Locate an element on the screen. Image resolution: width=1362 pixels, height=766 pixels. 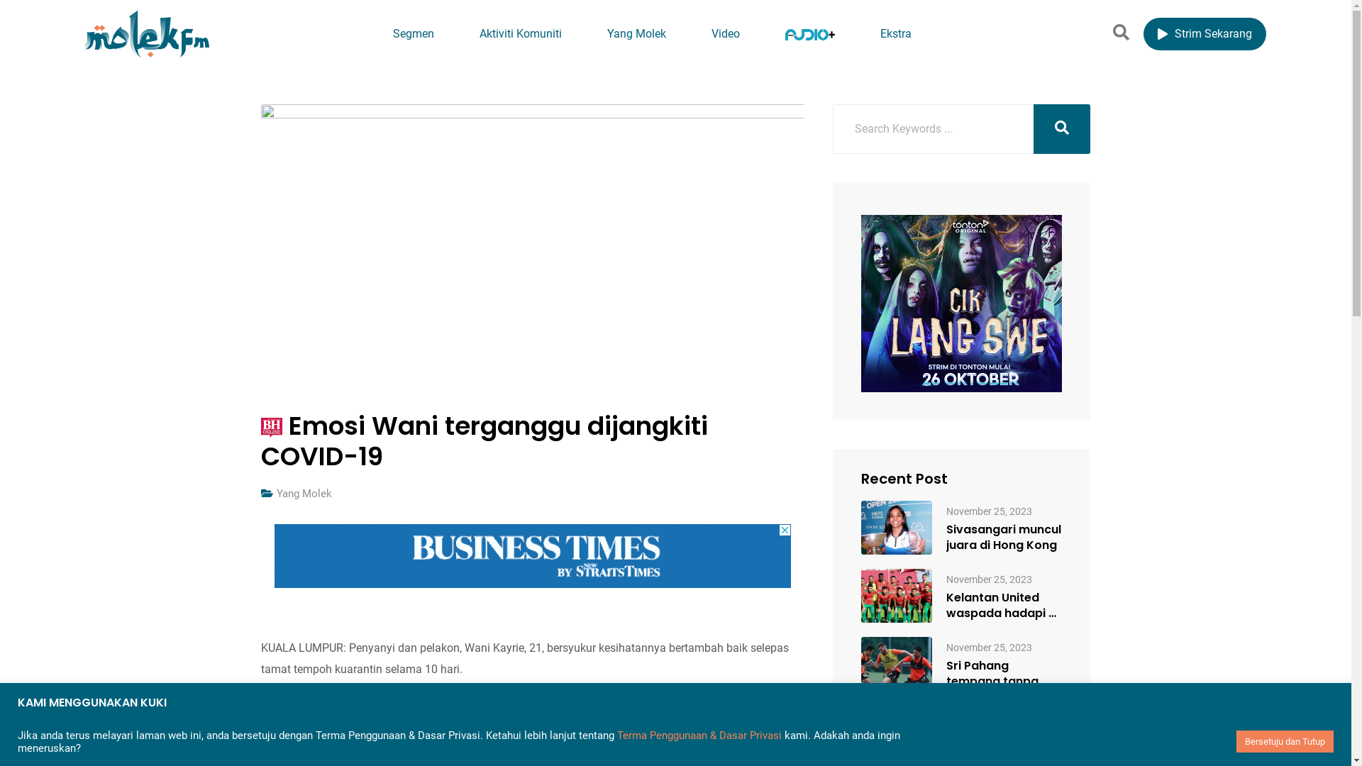
'Sri Pahang tempang tanpa lima tonggak' is located at coordinates (946, 672).